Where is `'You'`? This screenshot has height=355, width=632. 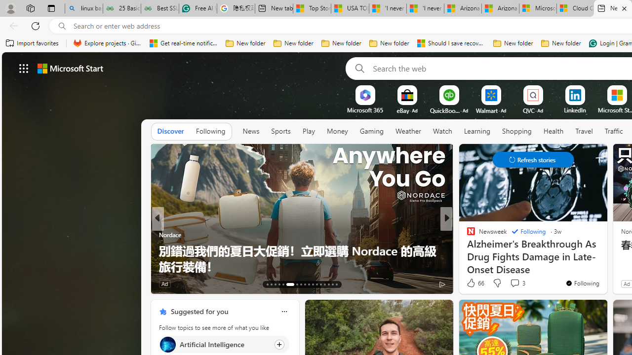 'You' is located at coordinates (582, 283).